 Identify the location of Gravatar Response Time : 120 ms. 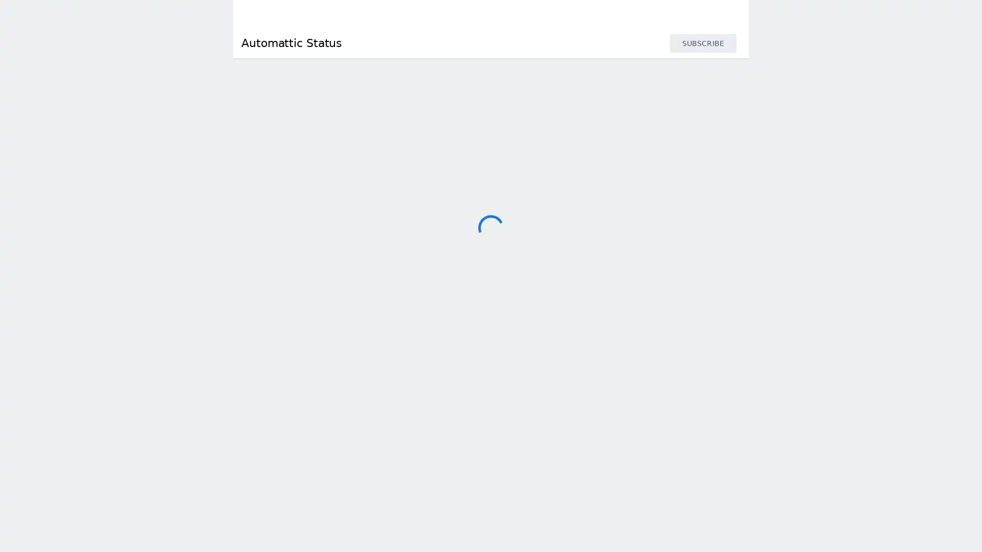
(429, 267).